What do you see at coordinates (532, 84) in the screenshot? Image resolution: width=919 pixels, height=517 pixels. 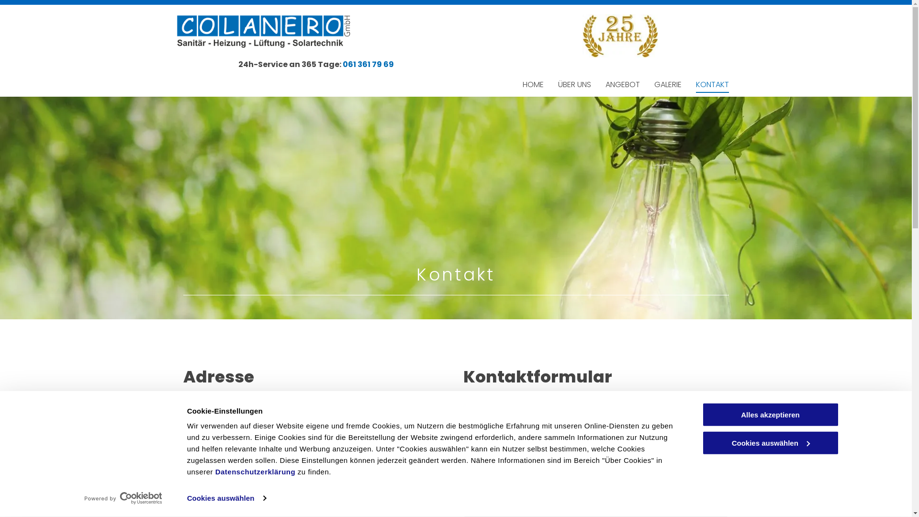 I see `'HOME'` at bounding box center [532, 84].